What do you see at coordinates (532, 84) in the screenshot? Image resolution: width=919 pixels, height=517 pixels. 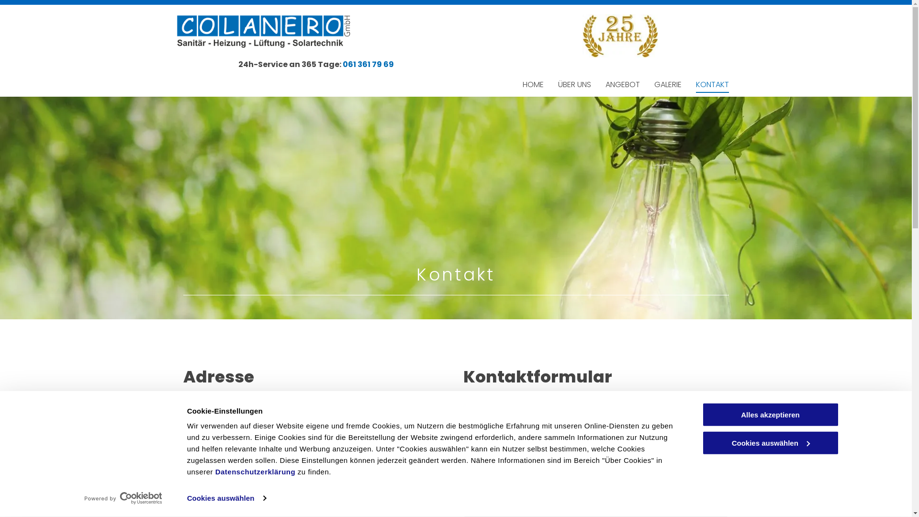 I see `'HOME'` at bounding box center [532, 84].